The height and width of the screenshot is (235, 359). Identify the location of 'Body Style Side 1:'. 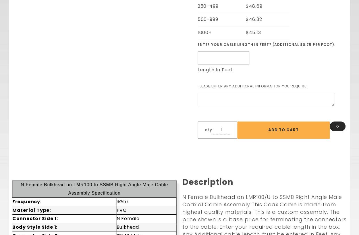
(34, 227).